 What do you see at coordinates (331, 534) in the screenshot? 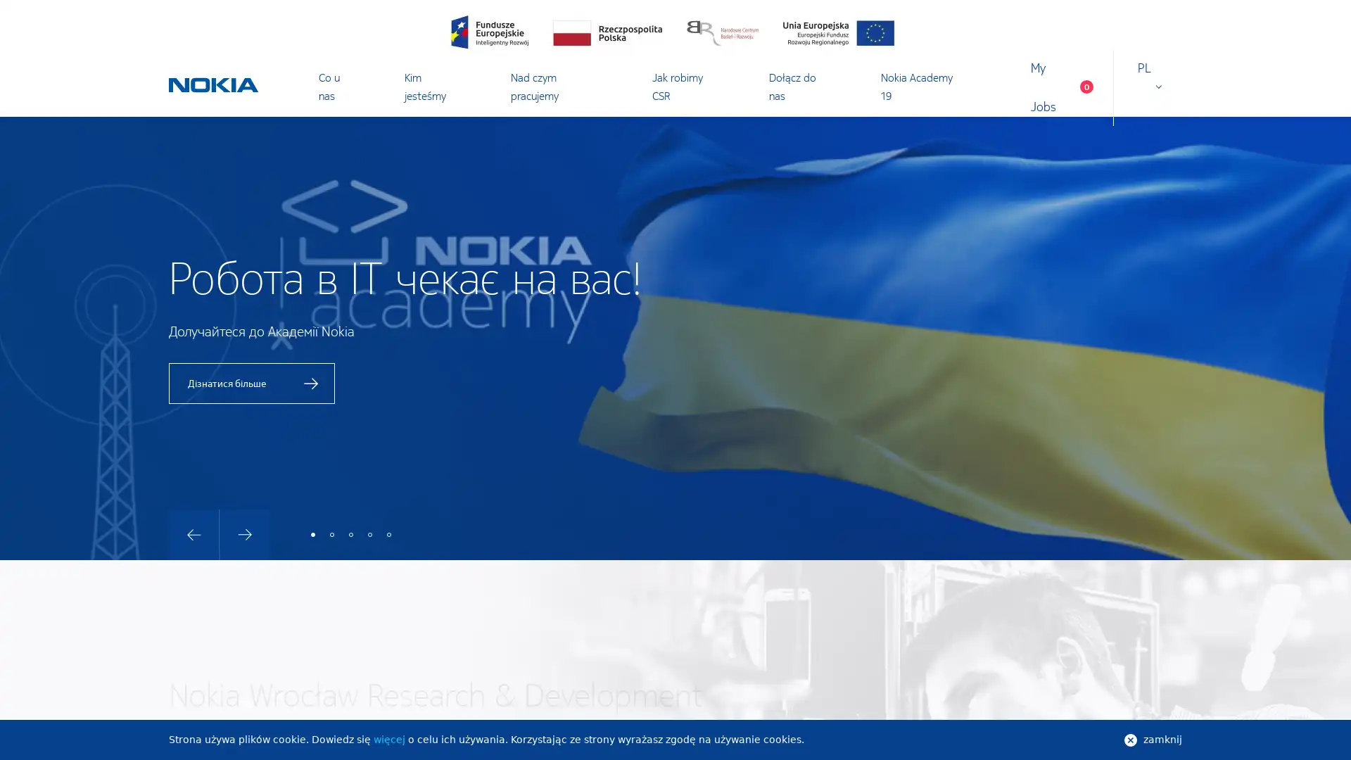
I see `Go to slide 2` at bounding box center [331, 534].